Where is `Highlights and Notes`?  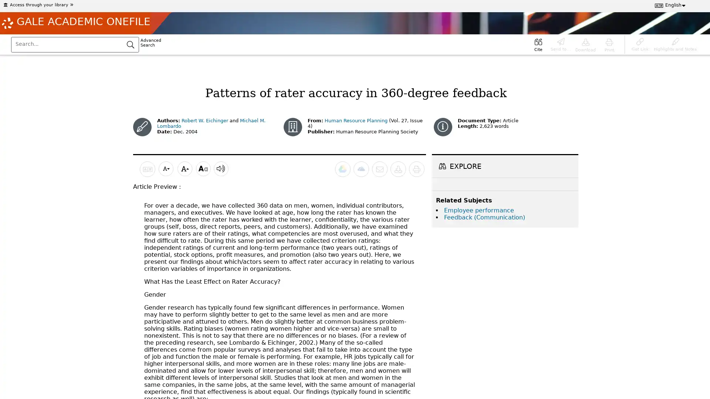 Highlights and Notes is located at coordinates (675, 44).